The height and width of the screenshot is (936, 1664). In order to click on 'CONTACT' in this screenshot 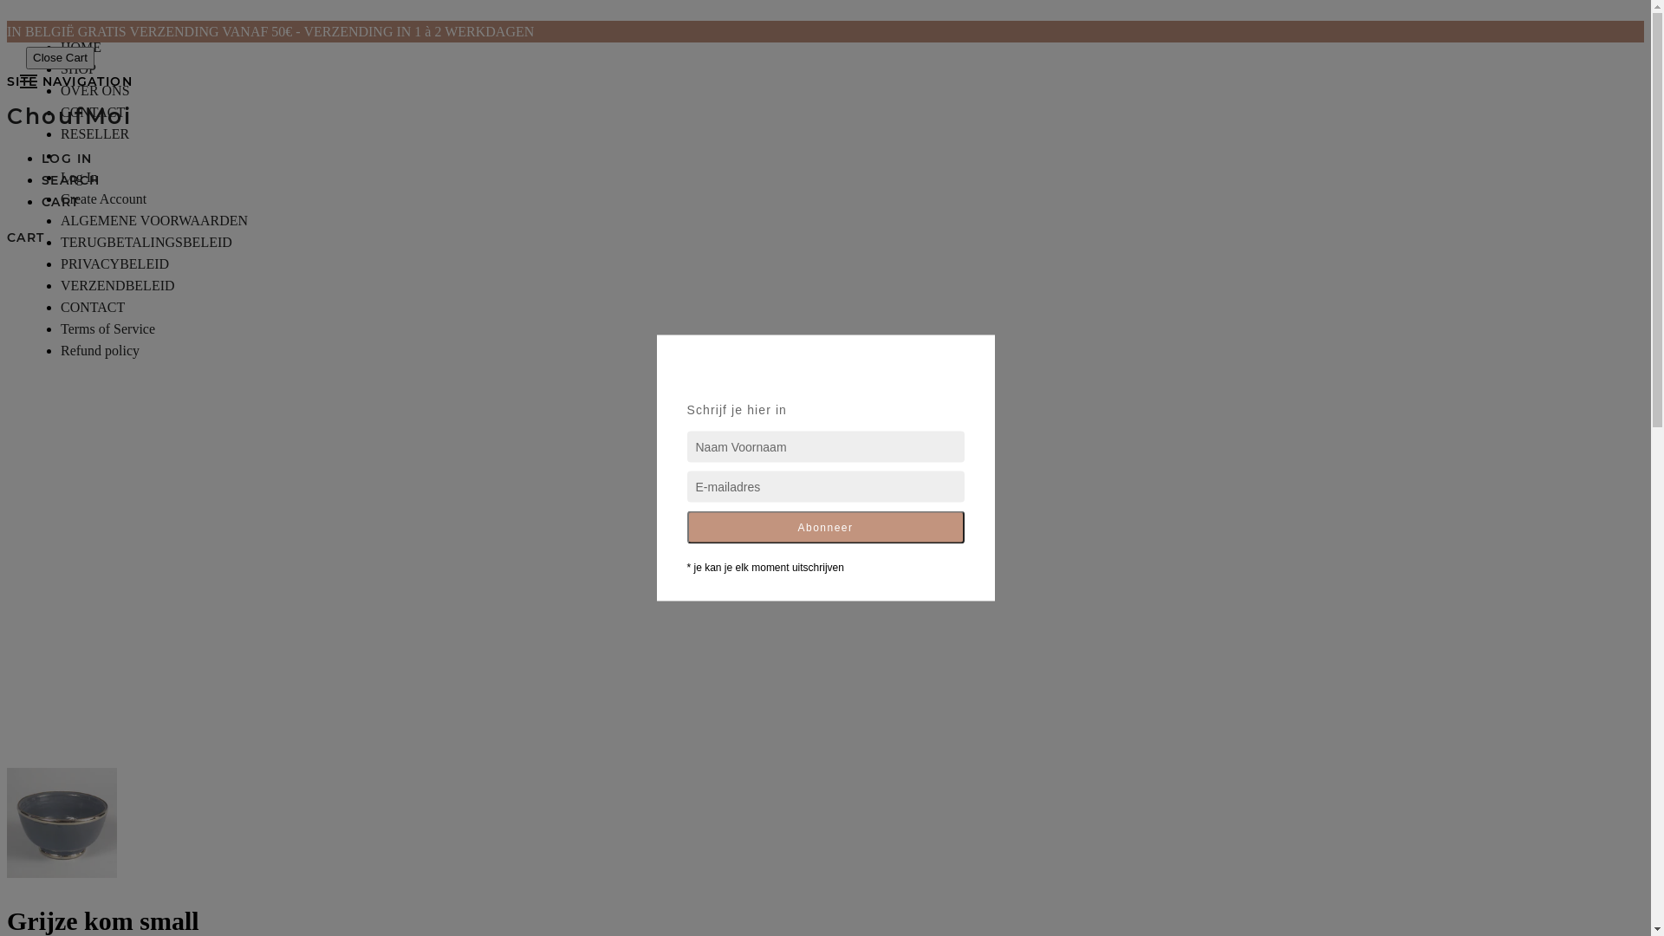, I will do `click(91, 112)`.